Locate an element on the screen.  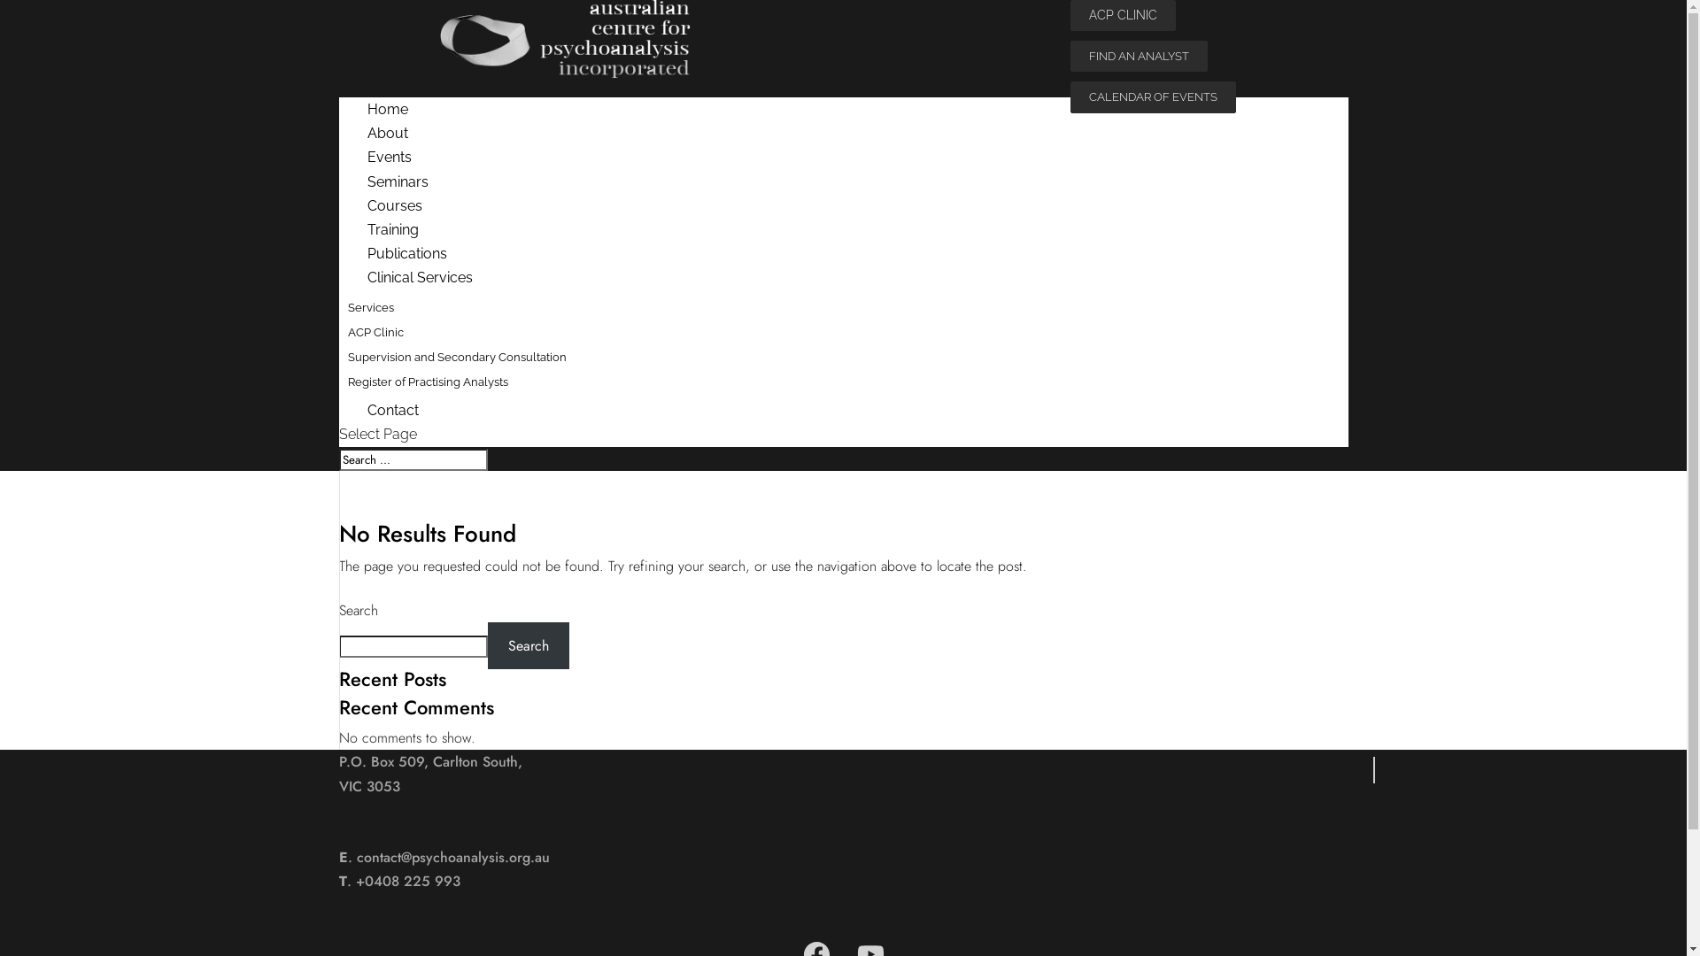
'Contact' is located at coordinates (391, 410).